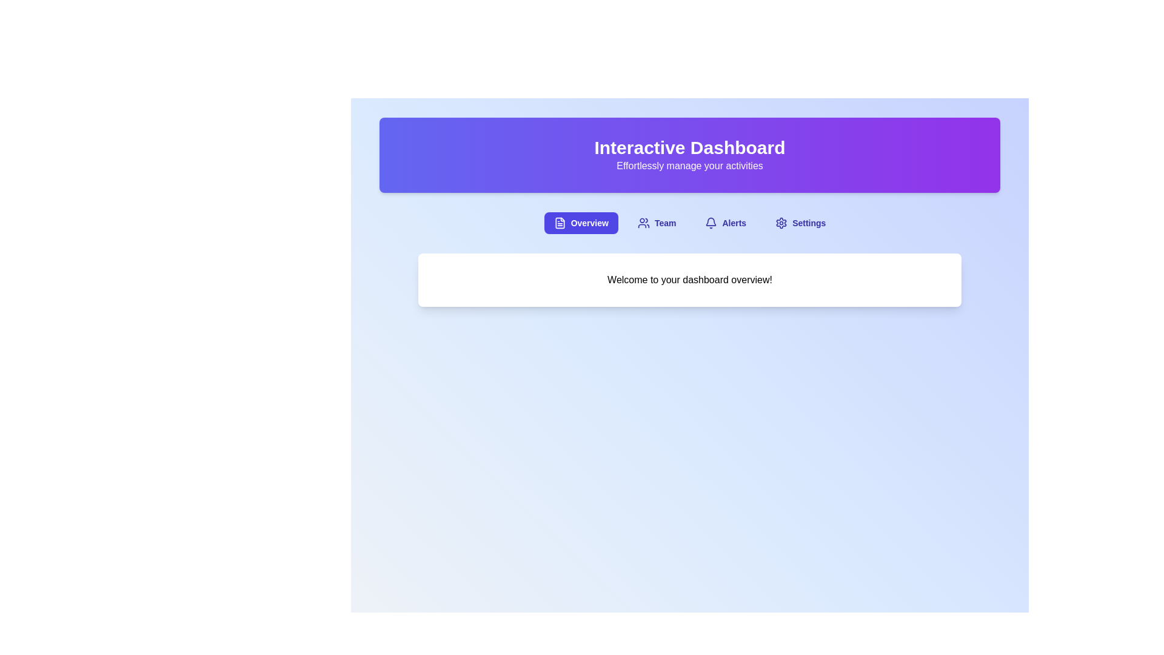  I want to click on accessibility features of the navigation bar located centrally below the 'Interactive Dashboard' header, so click(689, 223).